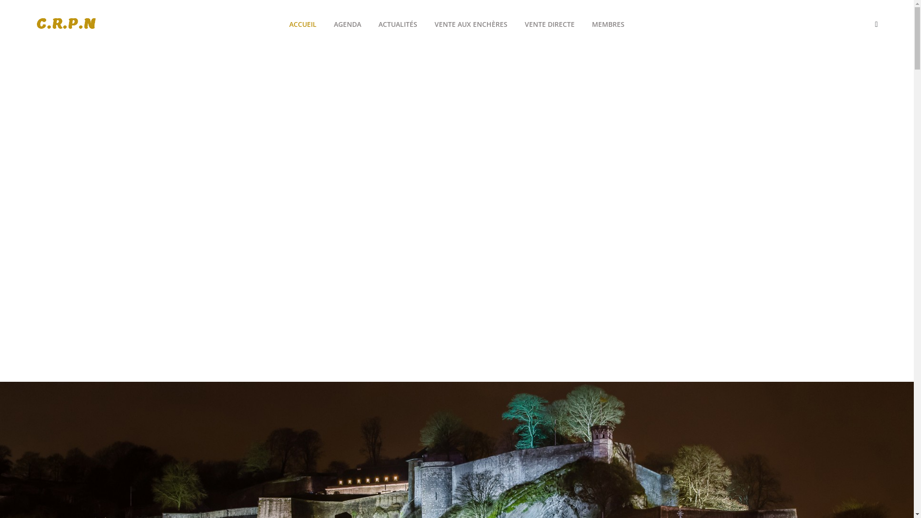 The height and width of the screenshot is (518, 921). I want to click on 'VENTE DIRECTE', so click(550, 24).